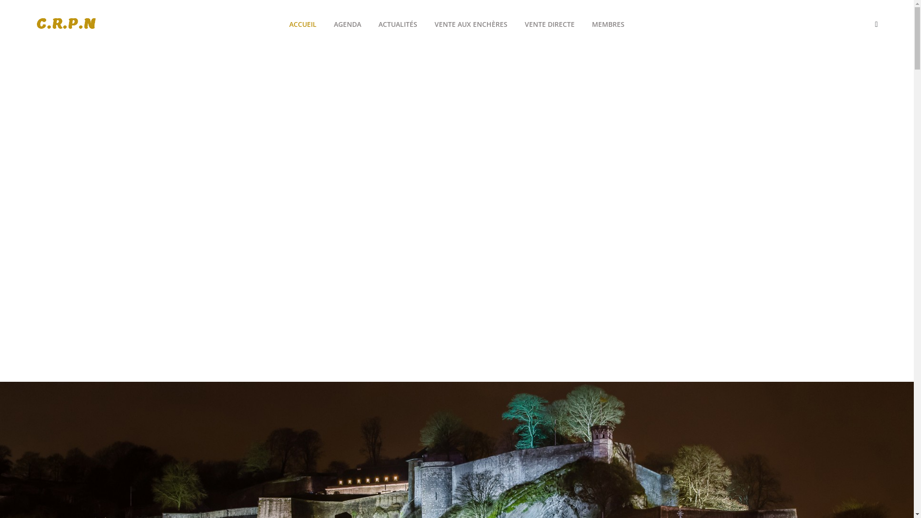 The height and width of the screenshot is (518, 921). I want to click on 'VENTE DIRECTE', so click(550, 24).